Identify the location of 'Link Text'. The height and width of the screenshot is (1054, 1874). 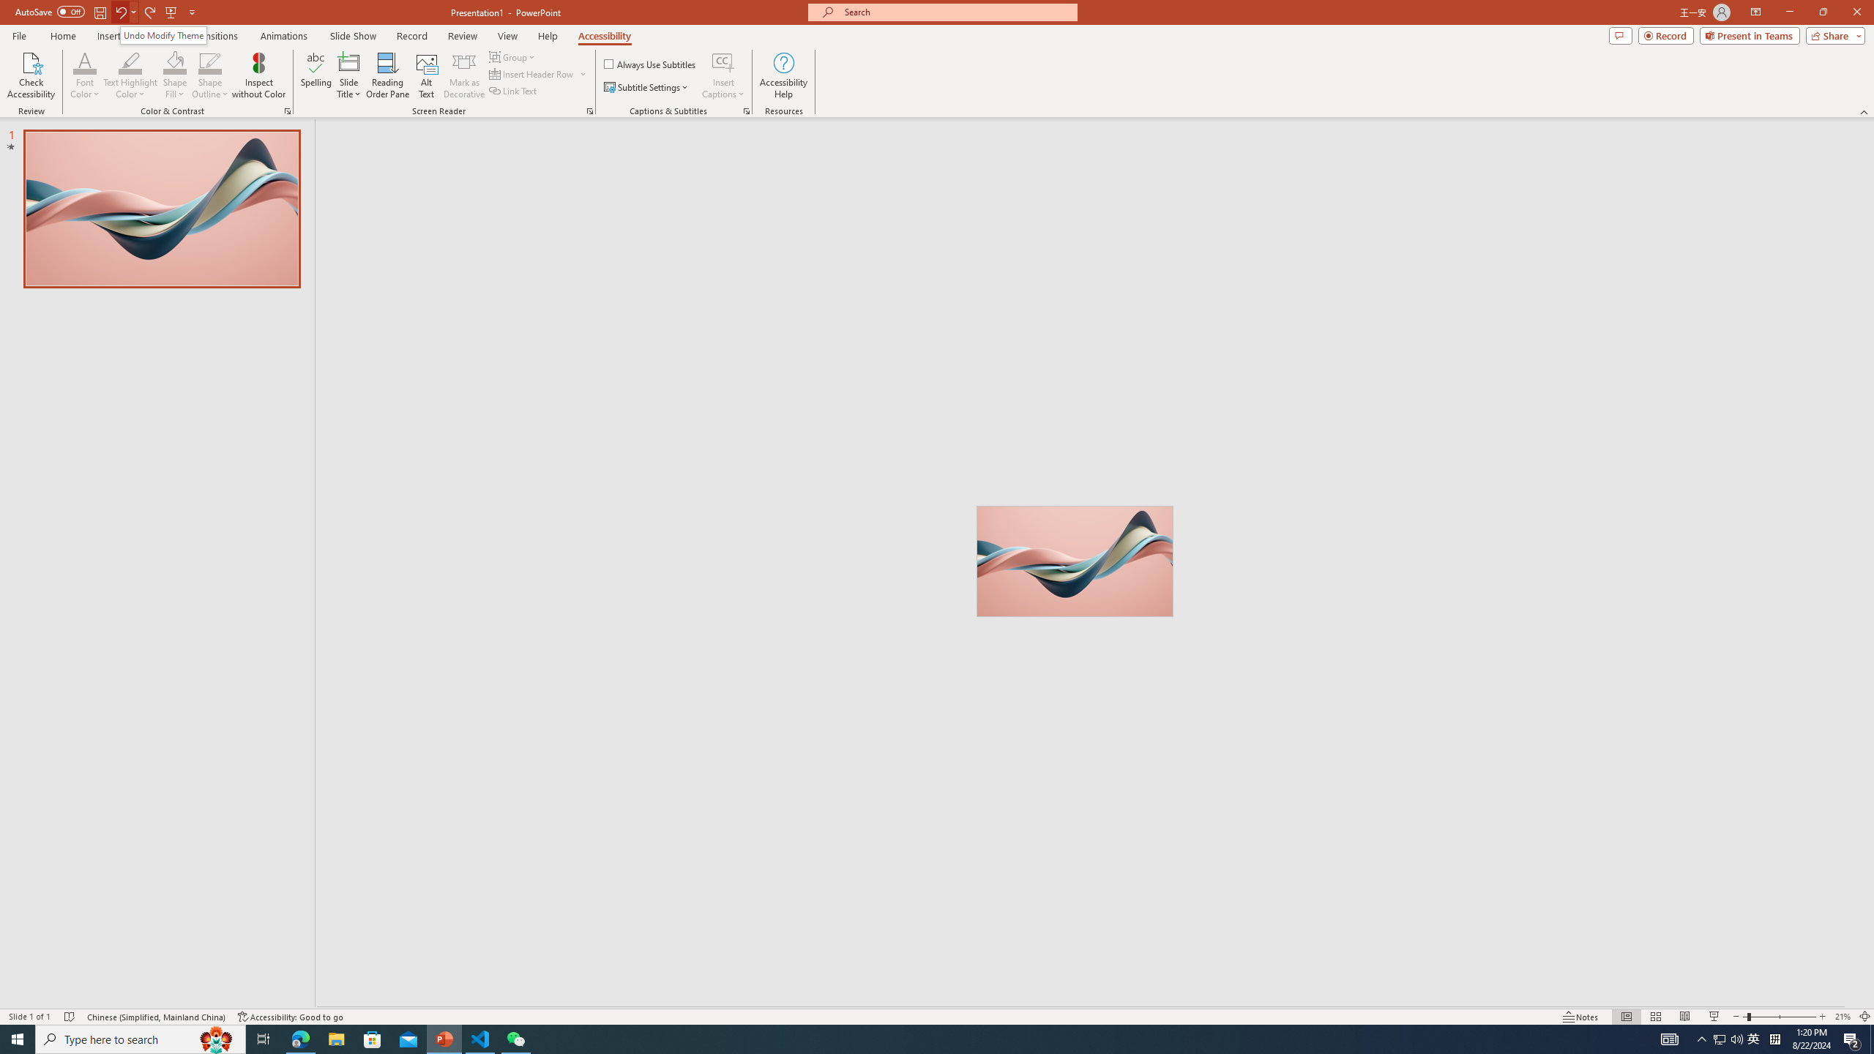
(513, 89).